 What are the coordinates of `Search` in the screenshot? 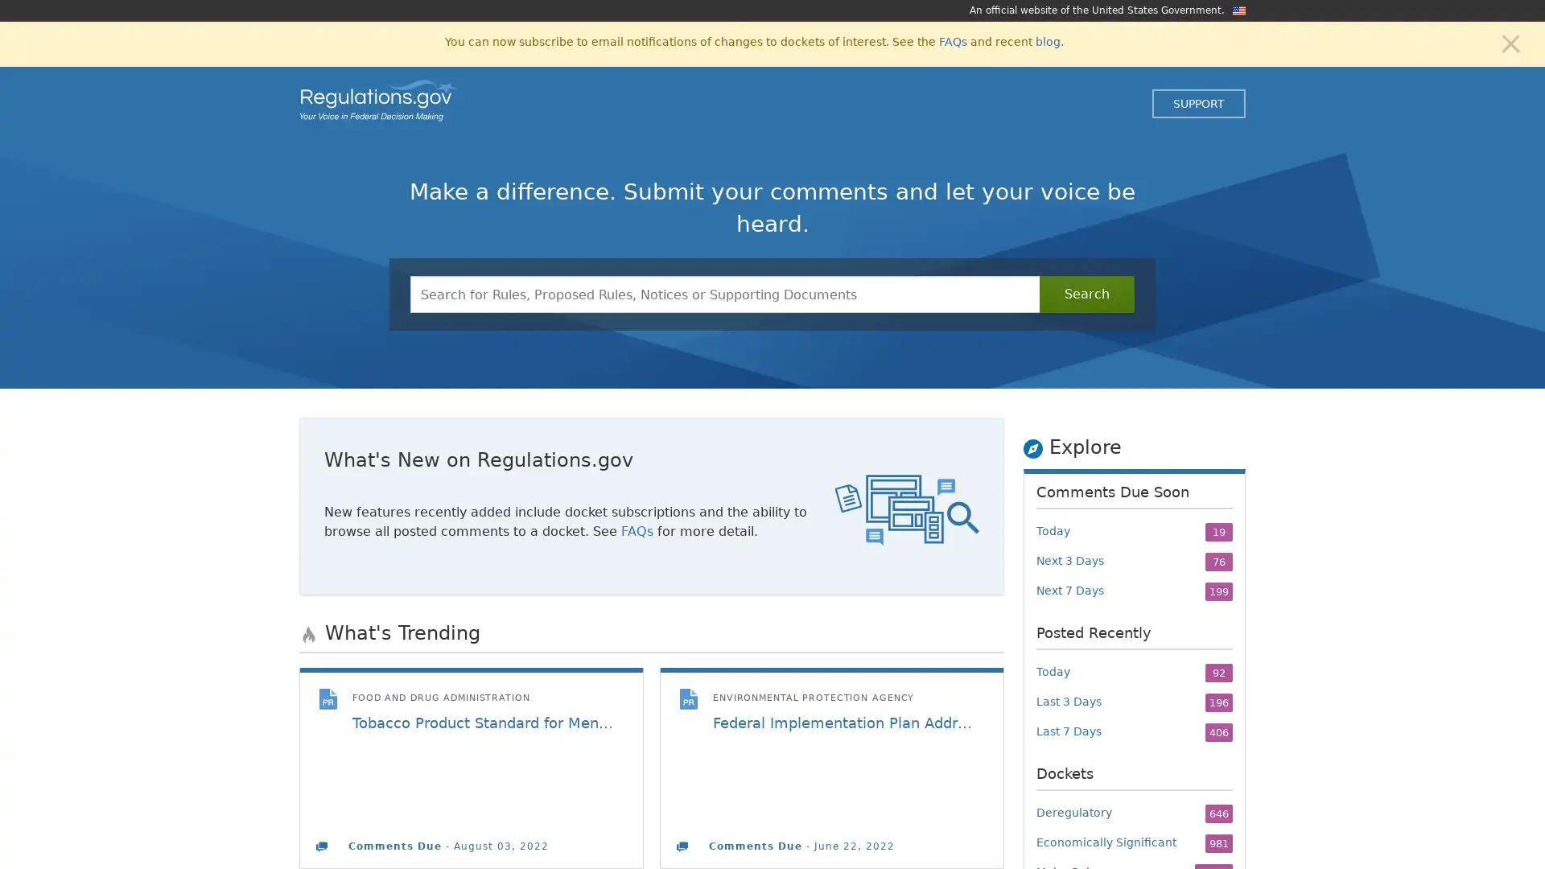 It's located at (1086, 294).